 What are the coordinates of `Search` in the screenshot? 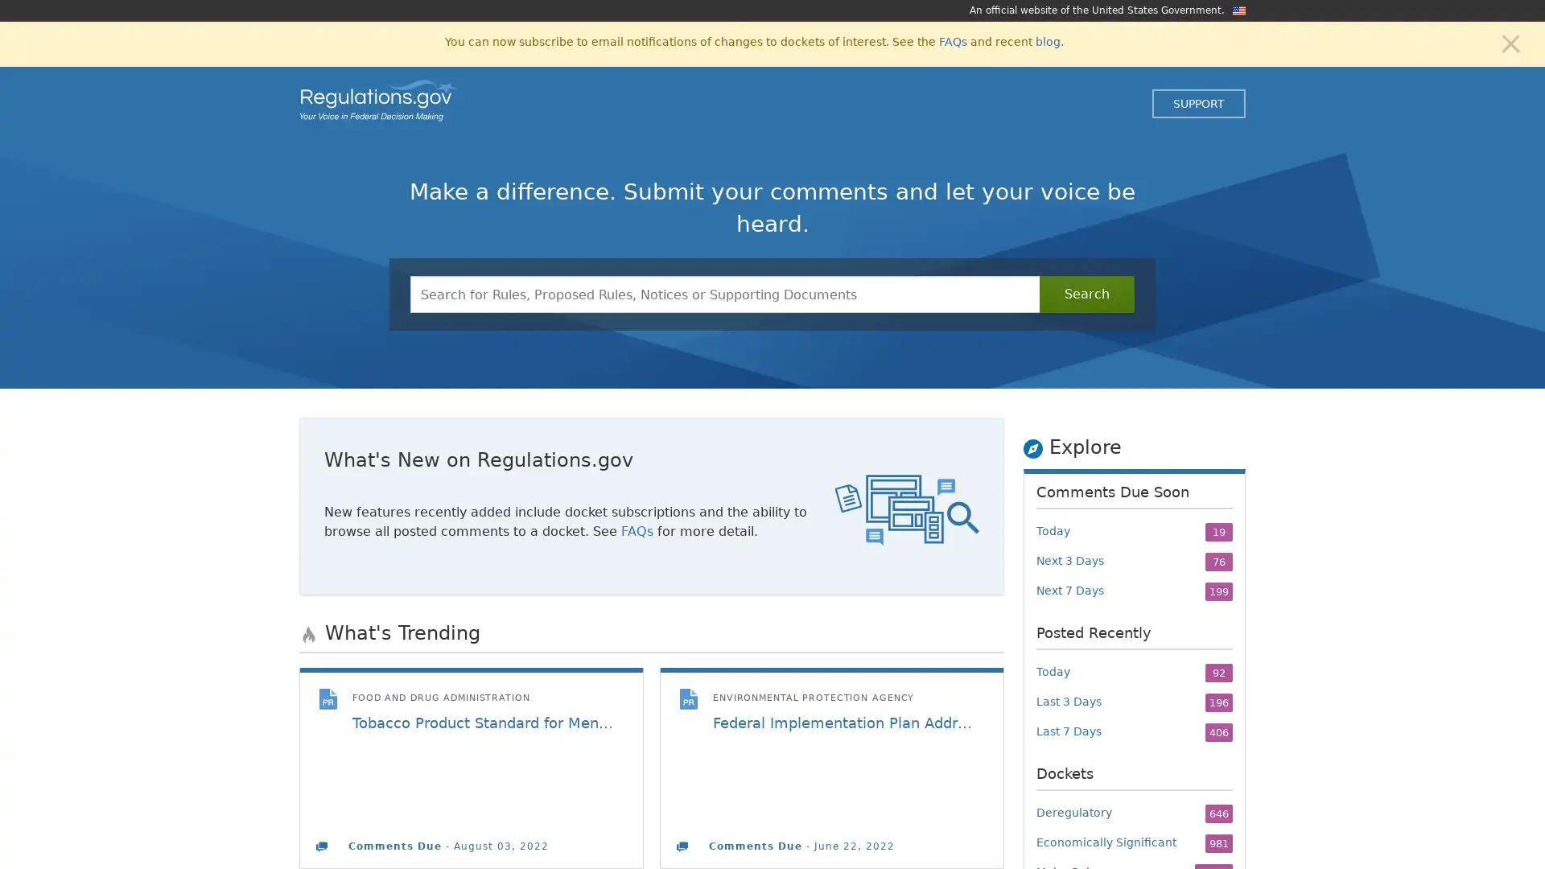 It's located at (1086, 294).